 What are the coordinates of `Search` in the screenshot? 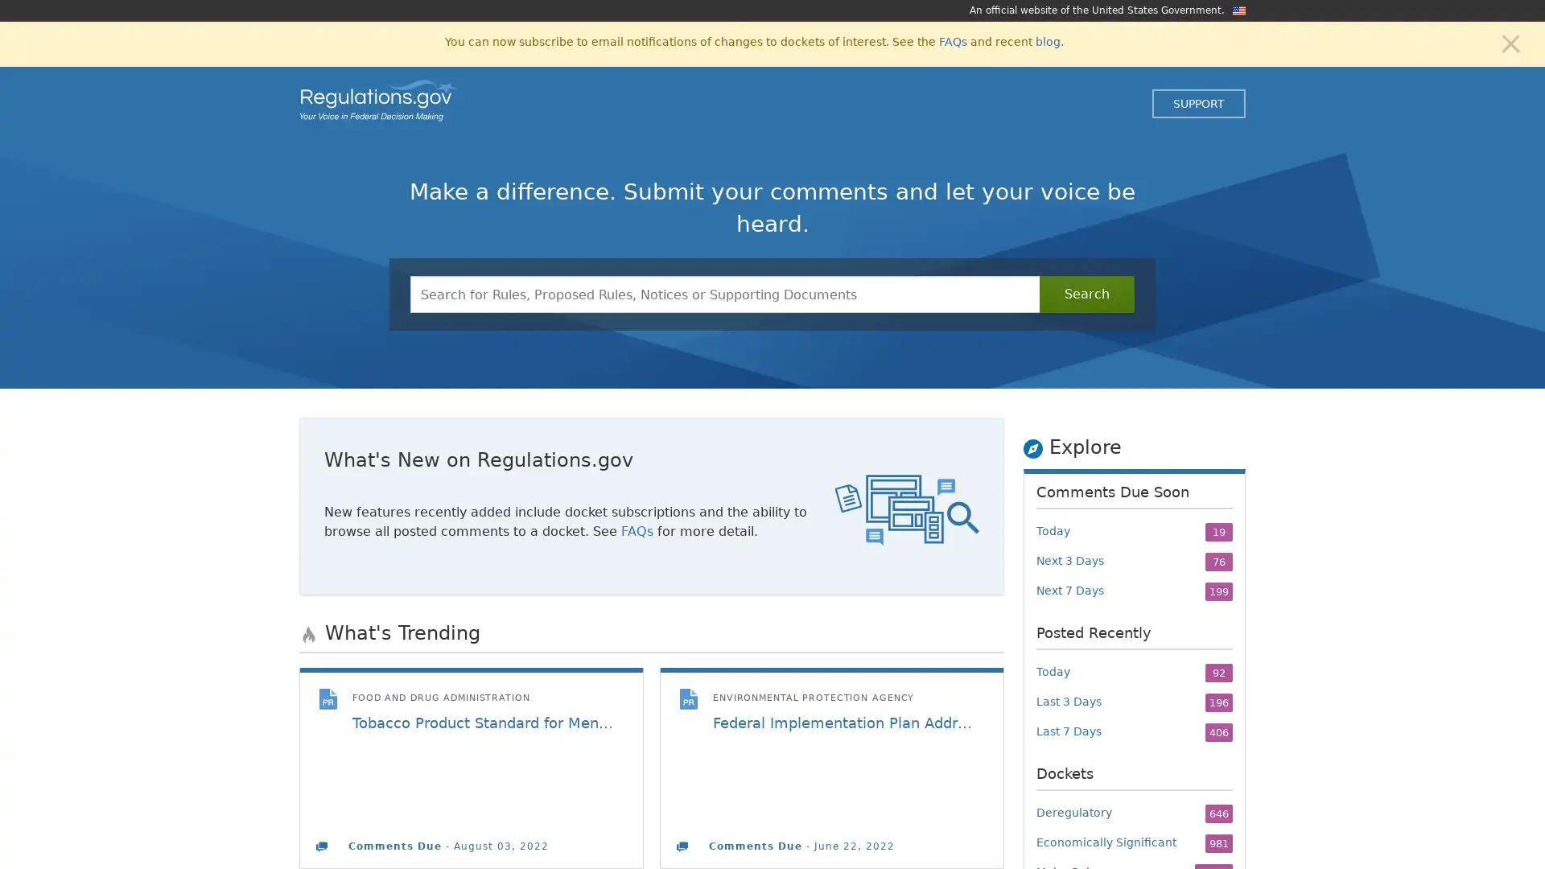 It's located at (1086, 294).